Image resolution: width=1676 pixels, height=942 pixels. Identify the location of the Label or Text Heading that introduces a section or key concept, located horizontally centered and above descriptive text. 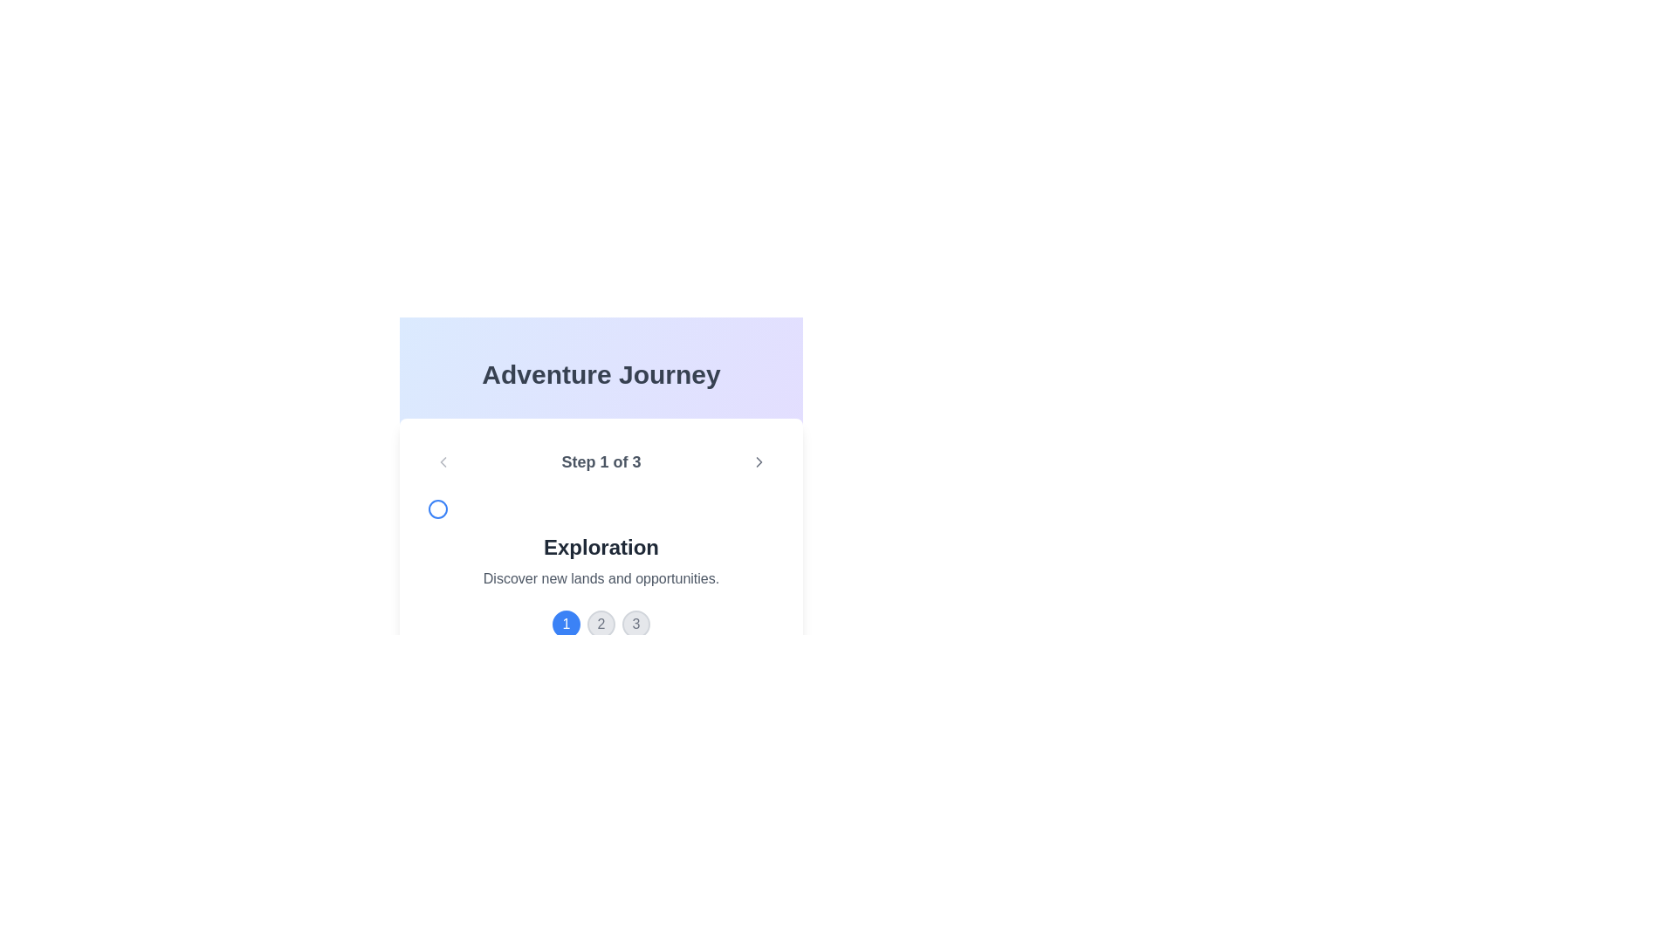
(601, 547).